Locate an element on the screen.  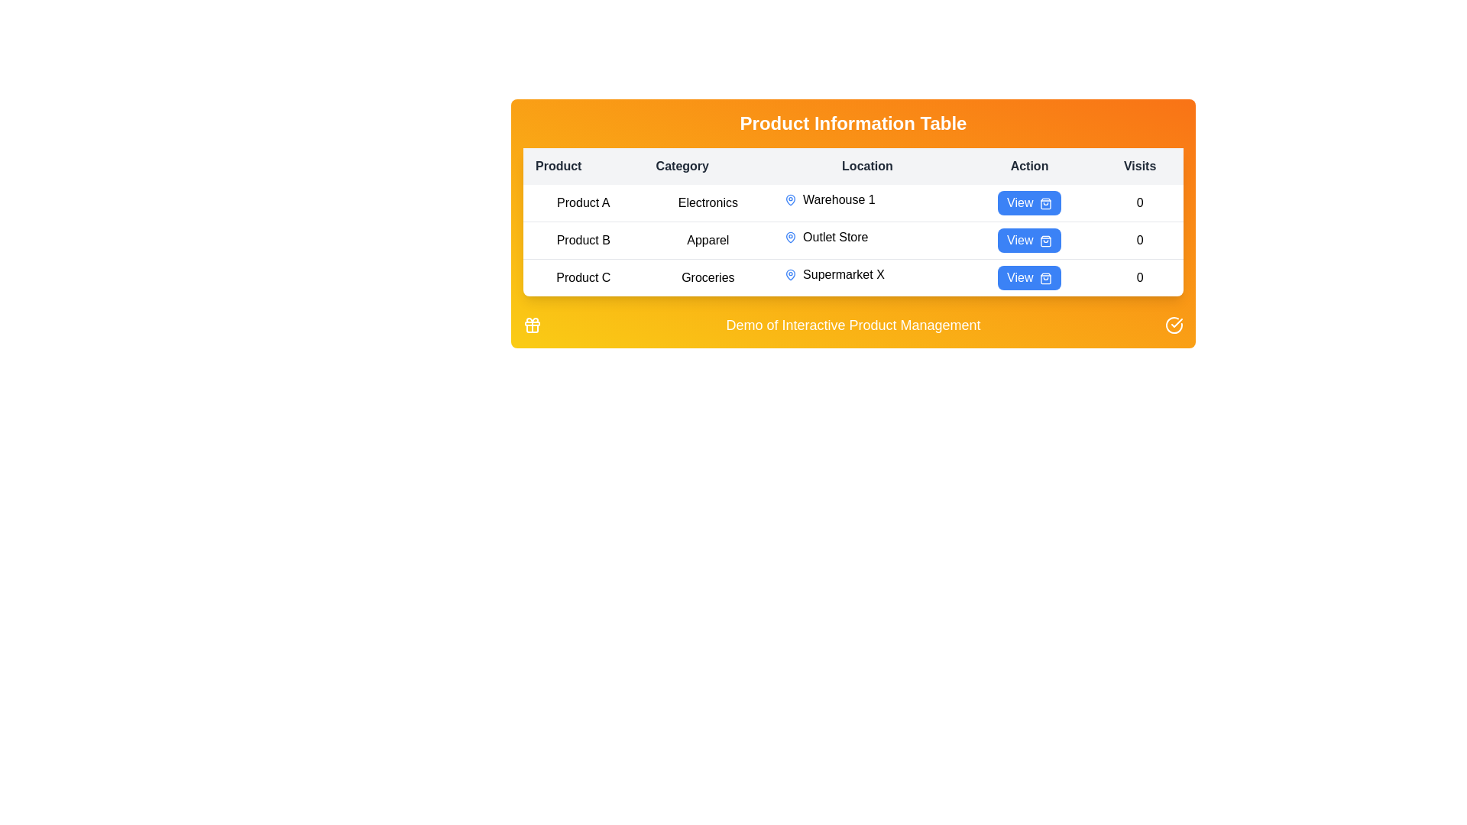
the table header cell containing the text 'Action', which is the fourth header cell in the table's header row, positioned between 'Location' and 'Visits' is located at coordinates (1029, 167).